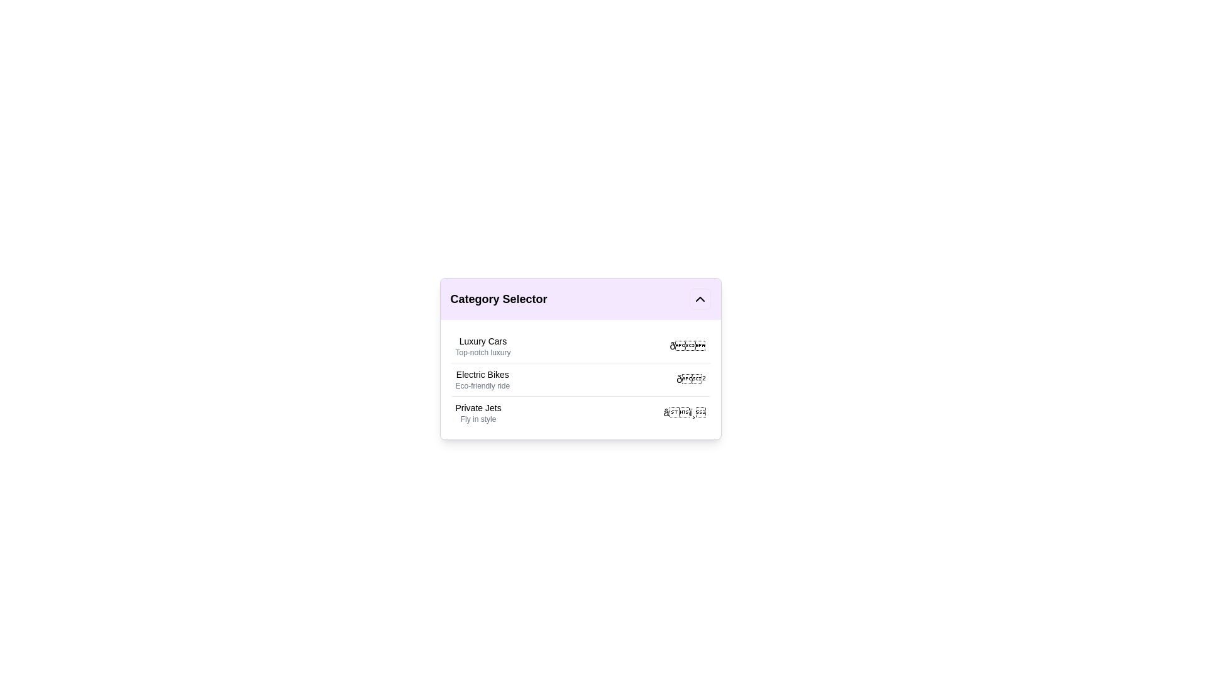 This screenshot has height=679, width=1207. Describe the element at coordinates (687, 346) in the screenshot. I see `the 'Luxury Cars' category icon located at the far right of the row identified by 'Luxury Cars' and 'Top-notch luxury'` at that location.